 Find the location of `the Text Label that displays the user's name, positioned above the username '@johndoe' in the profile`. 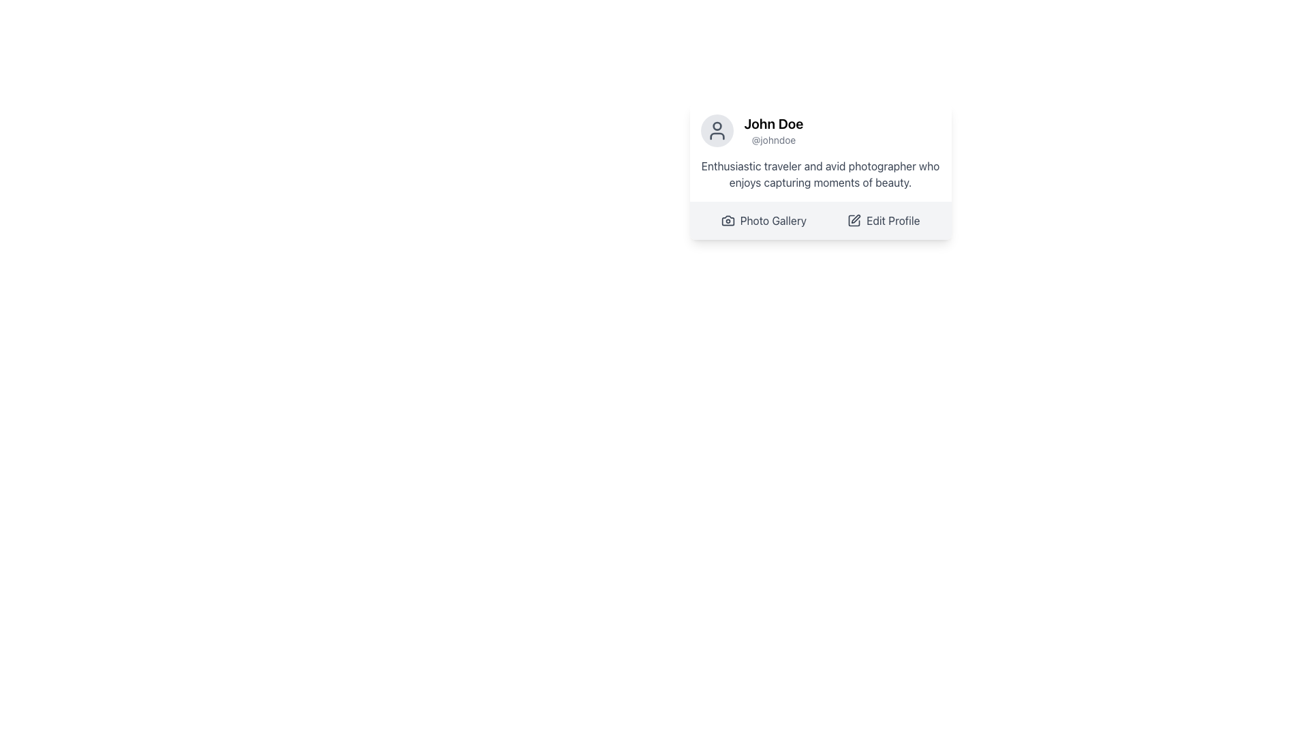

the Text Label that displays the user's name, positioned above the username '@johndoe' in the profile is located at coordinates (773, 123).